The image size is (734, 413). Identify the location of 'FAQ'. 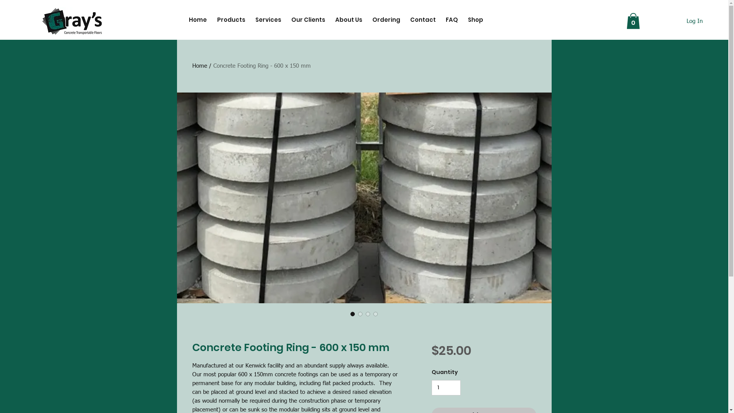
(451, 19).